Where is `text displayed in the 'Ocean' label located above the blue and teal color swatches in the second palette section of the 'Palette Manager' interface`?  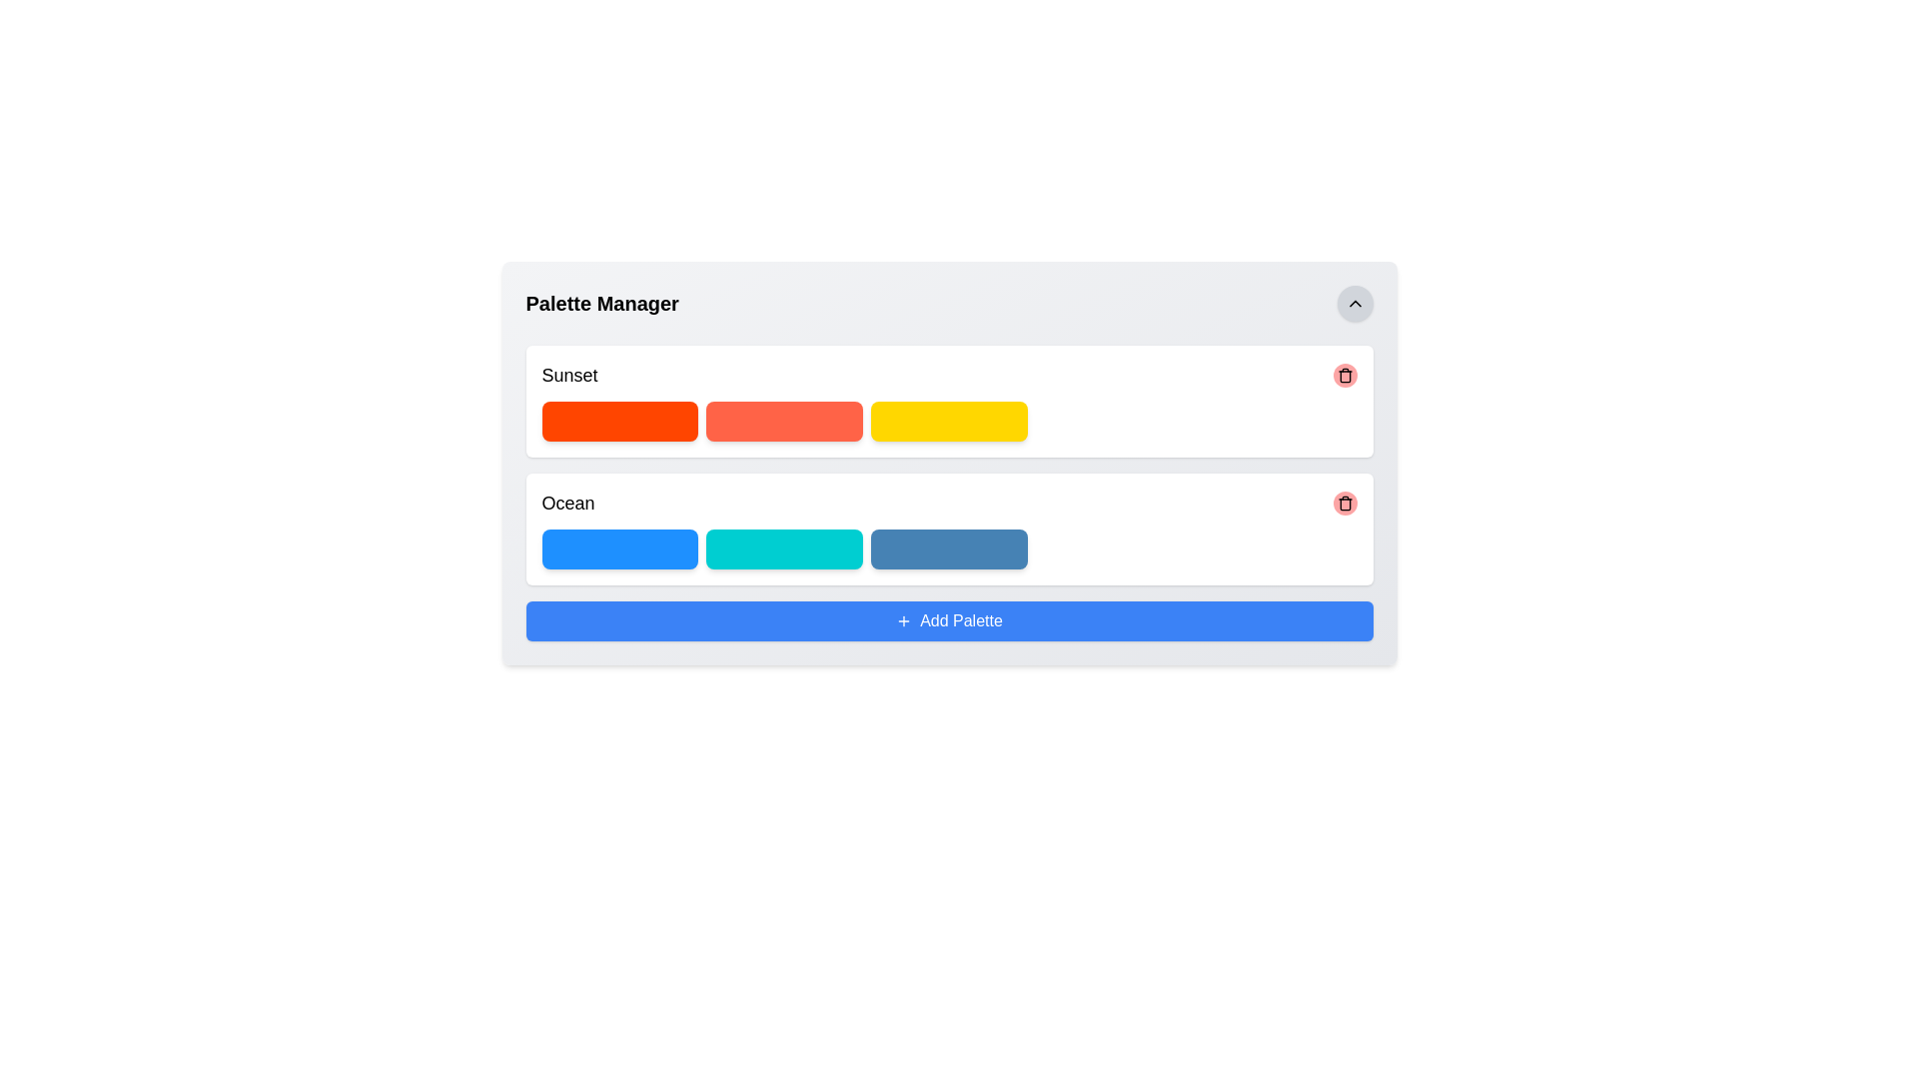 text displayed in the 'Ocean' label located above the blue and teal color swatches in the second palette section of the 'Palette Manager' interface is located at coordinates (567, 503).